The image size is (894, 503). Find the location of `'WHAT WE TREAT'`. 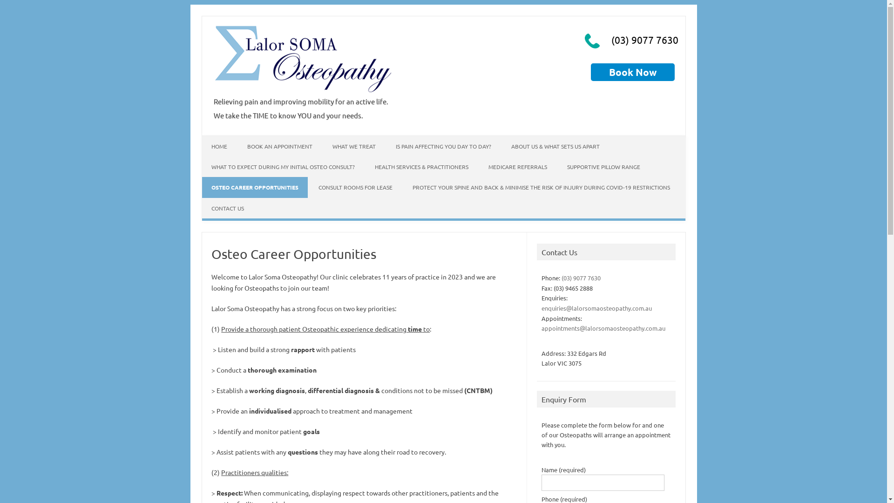

'WHAT WE TREAT' is located at coordinates (353, 146).